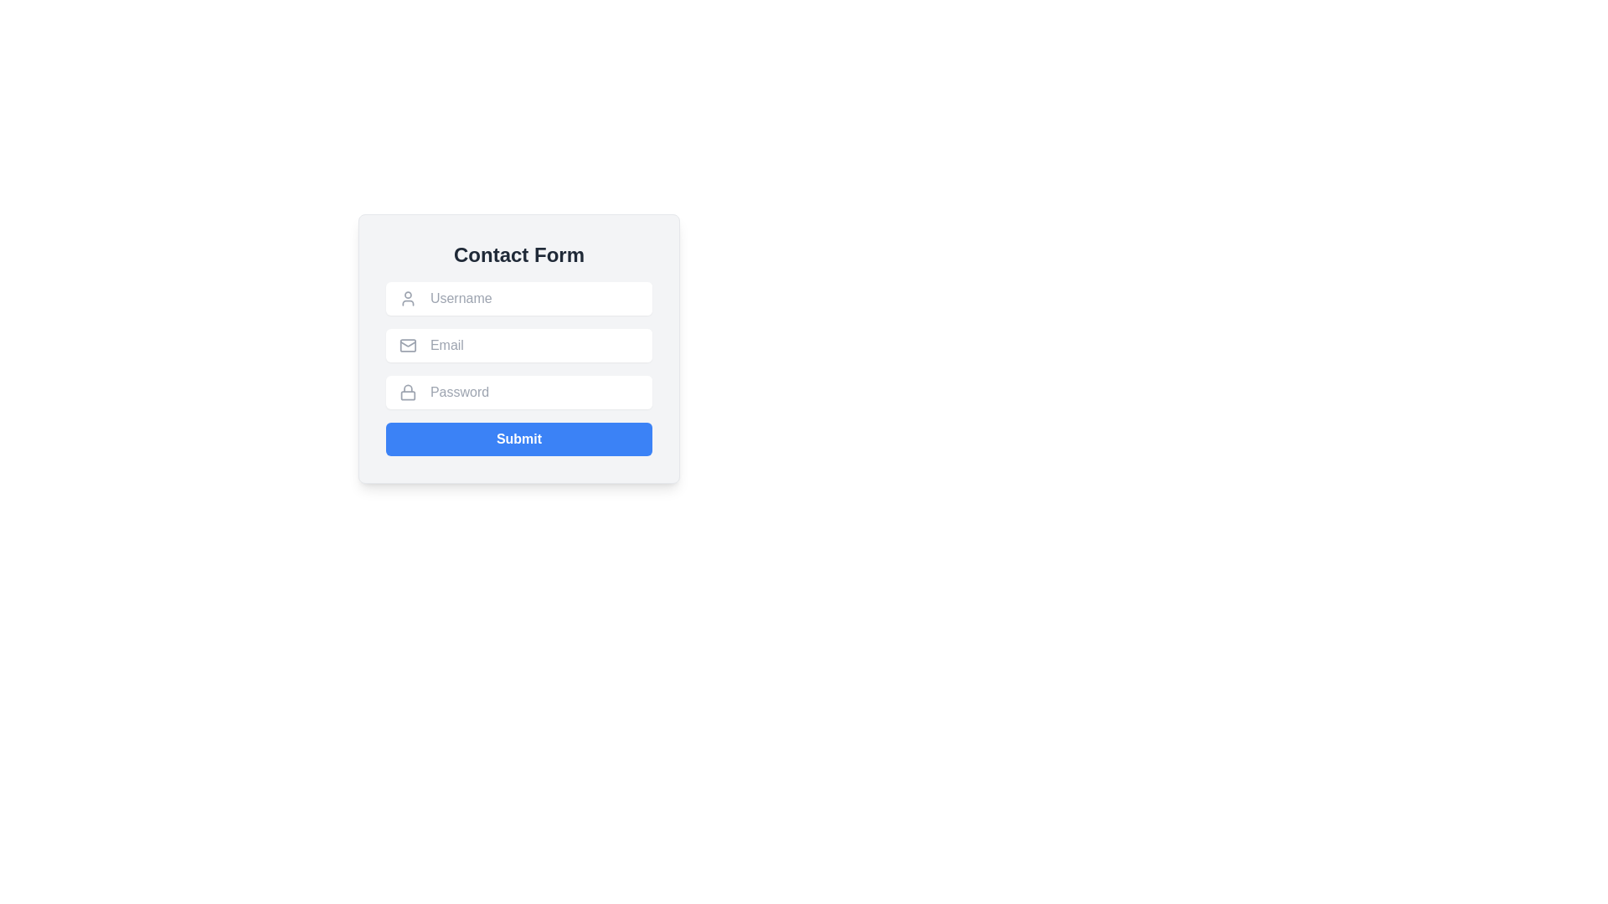  Describe the element at coordinates (533, 344) in the screenshot. I see `the Email input field to focus, which is located beneath the Username input field and above the Password input field in the form` at that location.